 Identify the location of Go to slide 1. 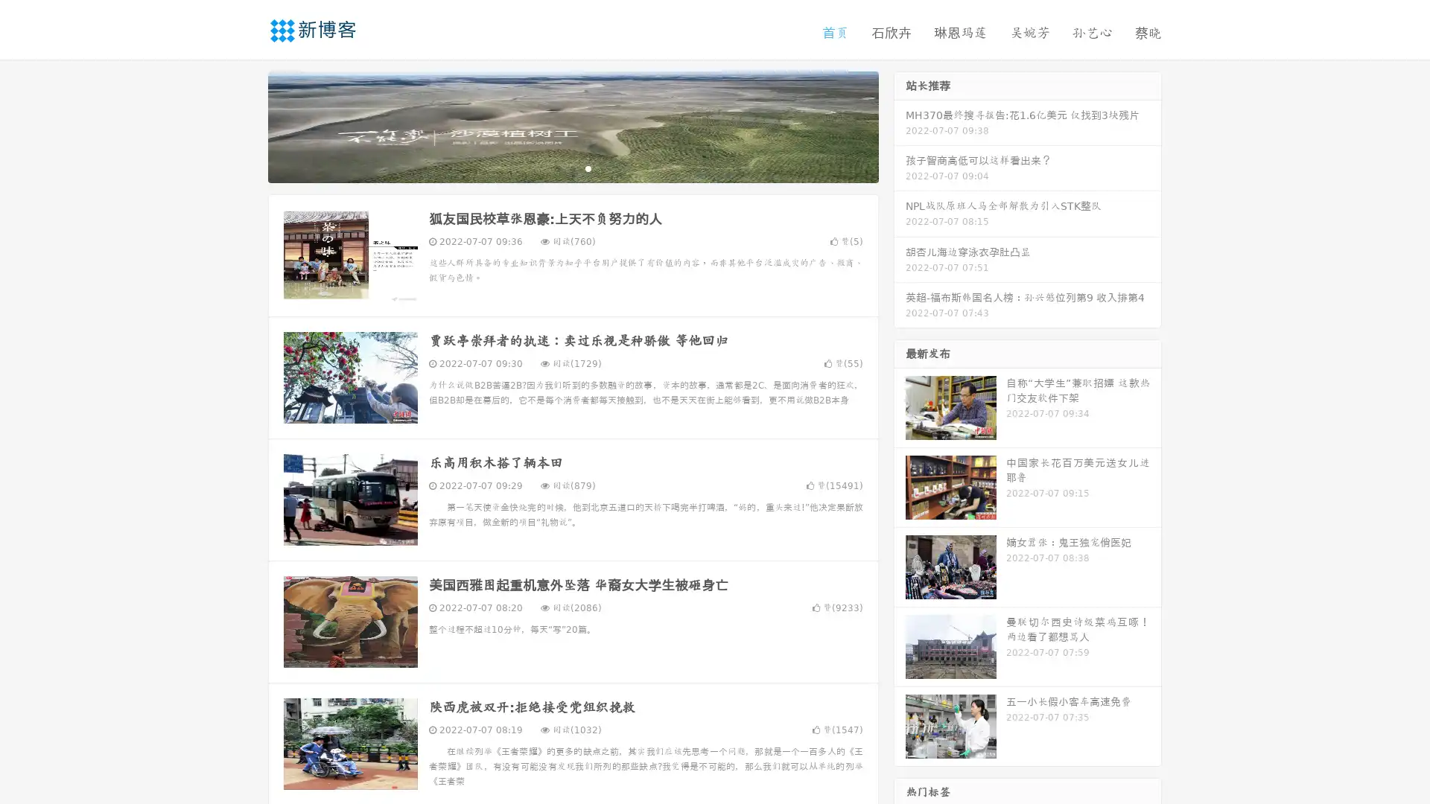
(557, 167).